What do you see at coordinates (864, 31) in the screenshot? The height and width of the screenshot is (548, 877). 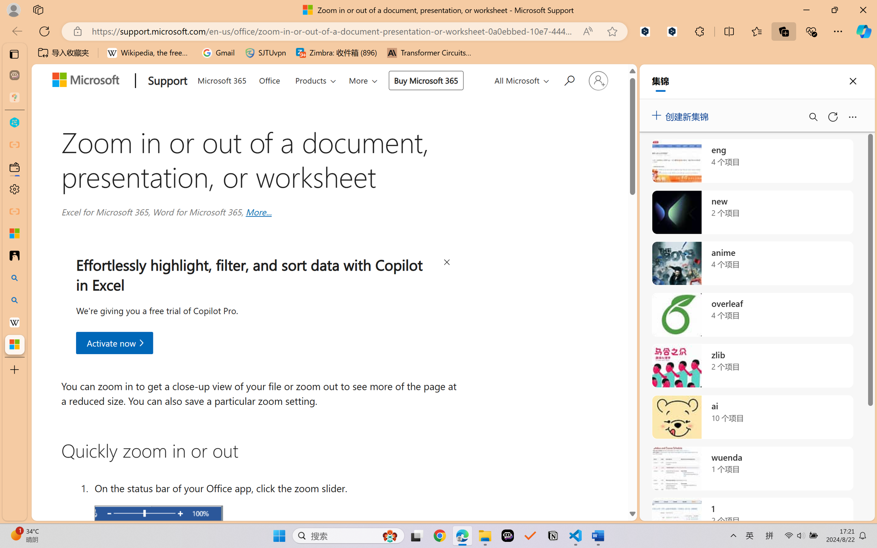 I see `'Copilot (Ctrl+Shift+.)'` at bounding box center [864, 31].